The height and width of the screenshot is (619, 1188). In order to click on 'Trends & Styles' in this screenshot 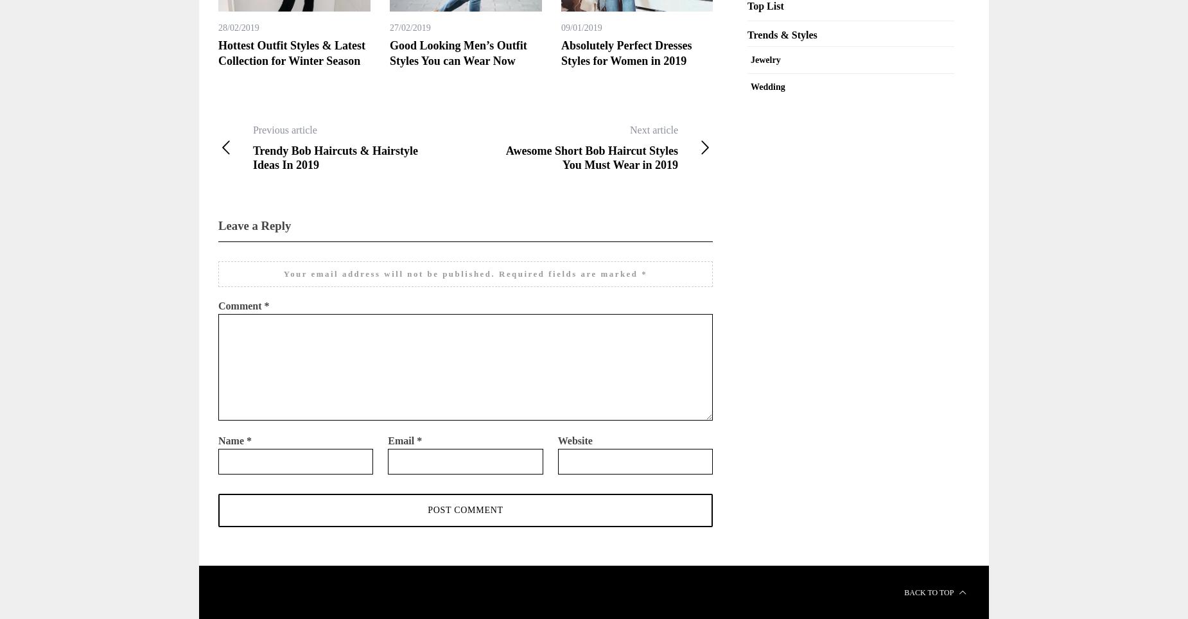, I will do `click(747, 34)`.